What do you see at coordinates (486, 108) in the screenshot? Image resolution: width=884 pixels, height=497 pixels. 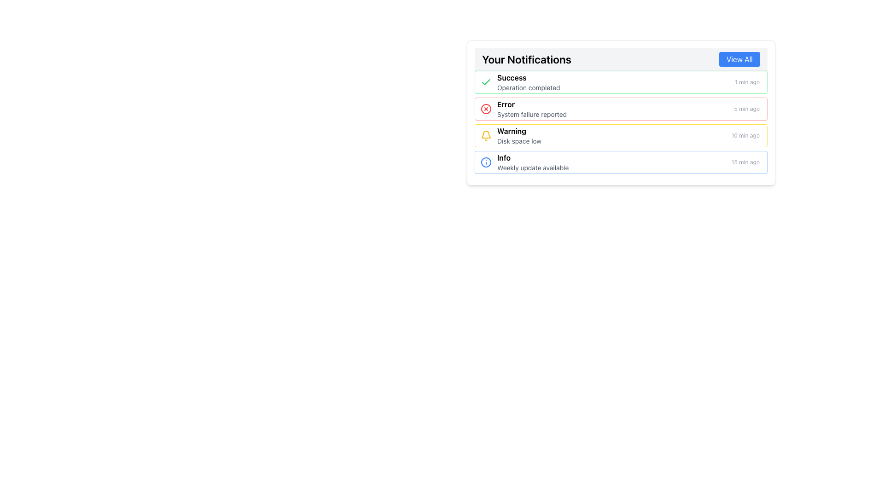 I see `the error notification icon in the 'Your Notifications' list, located at the beginning of the second row with the text 'Error'` at bounding box center [486, 108].